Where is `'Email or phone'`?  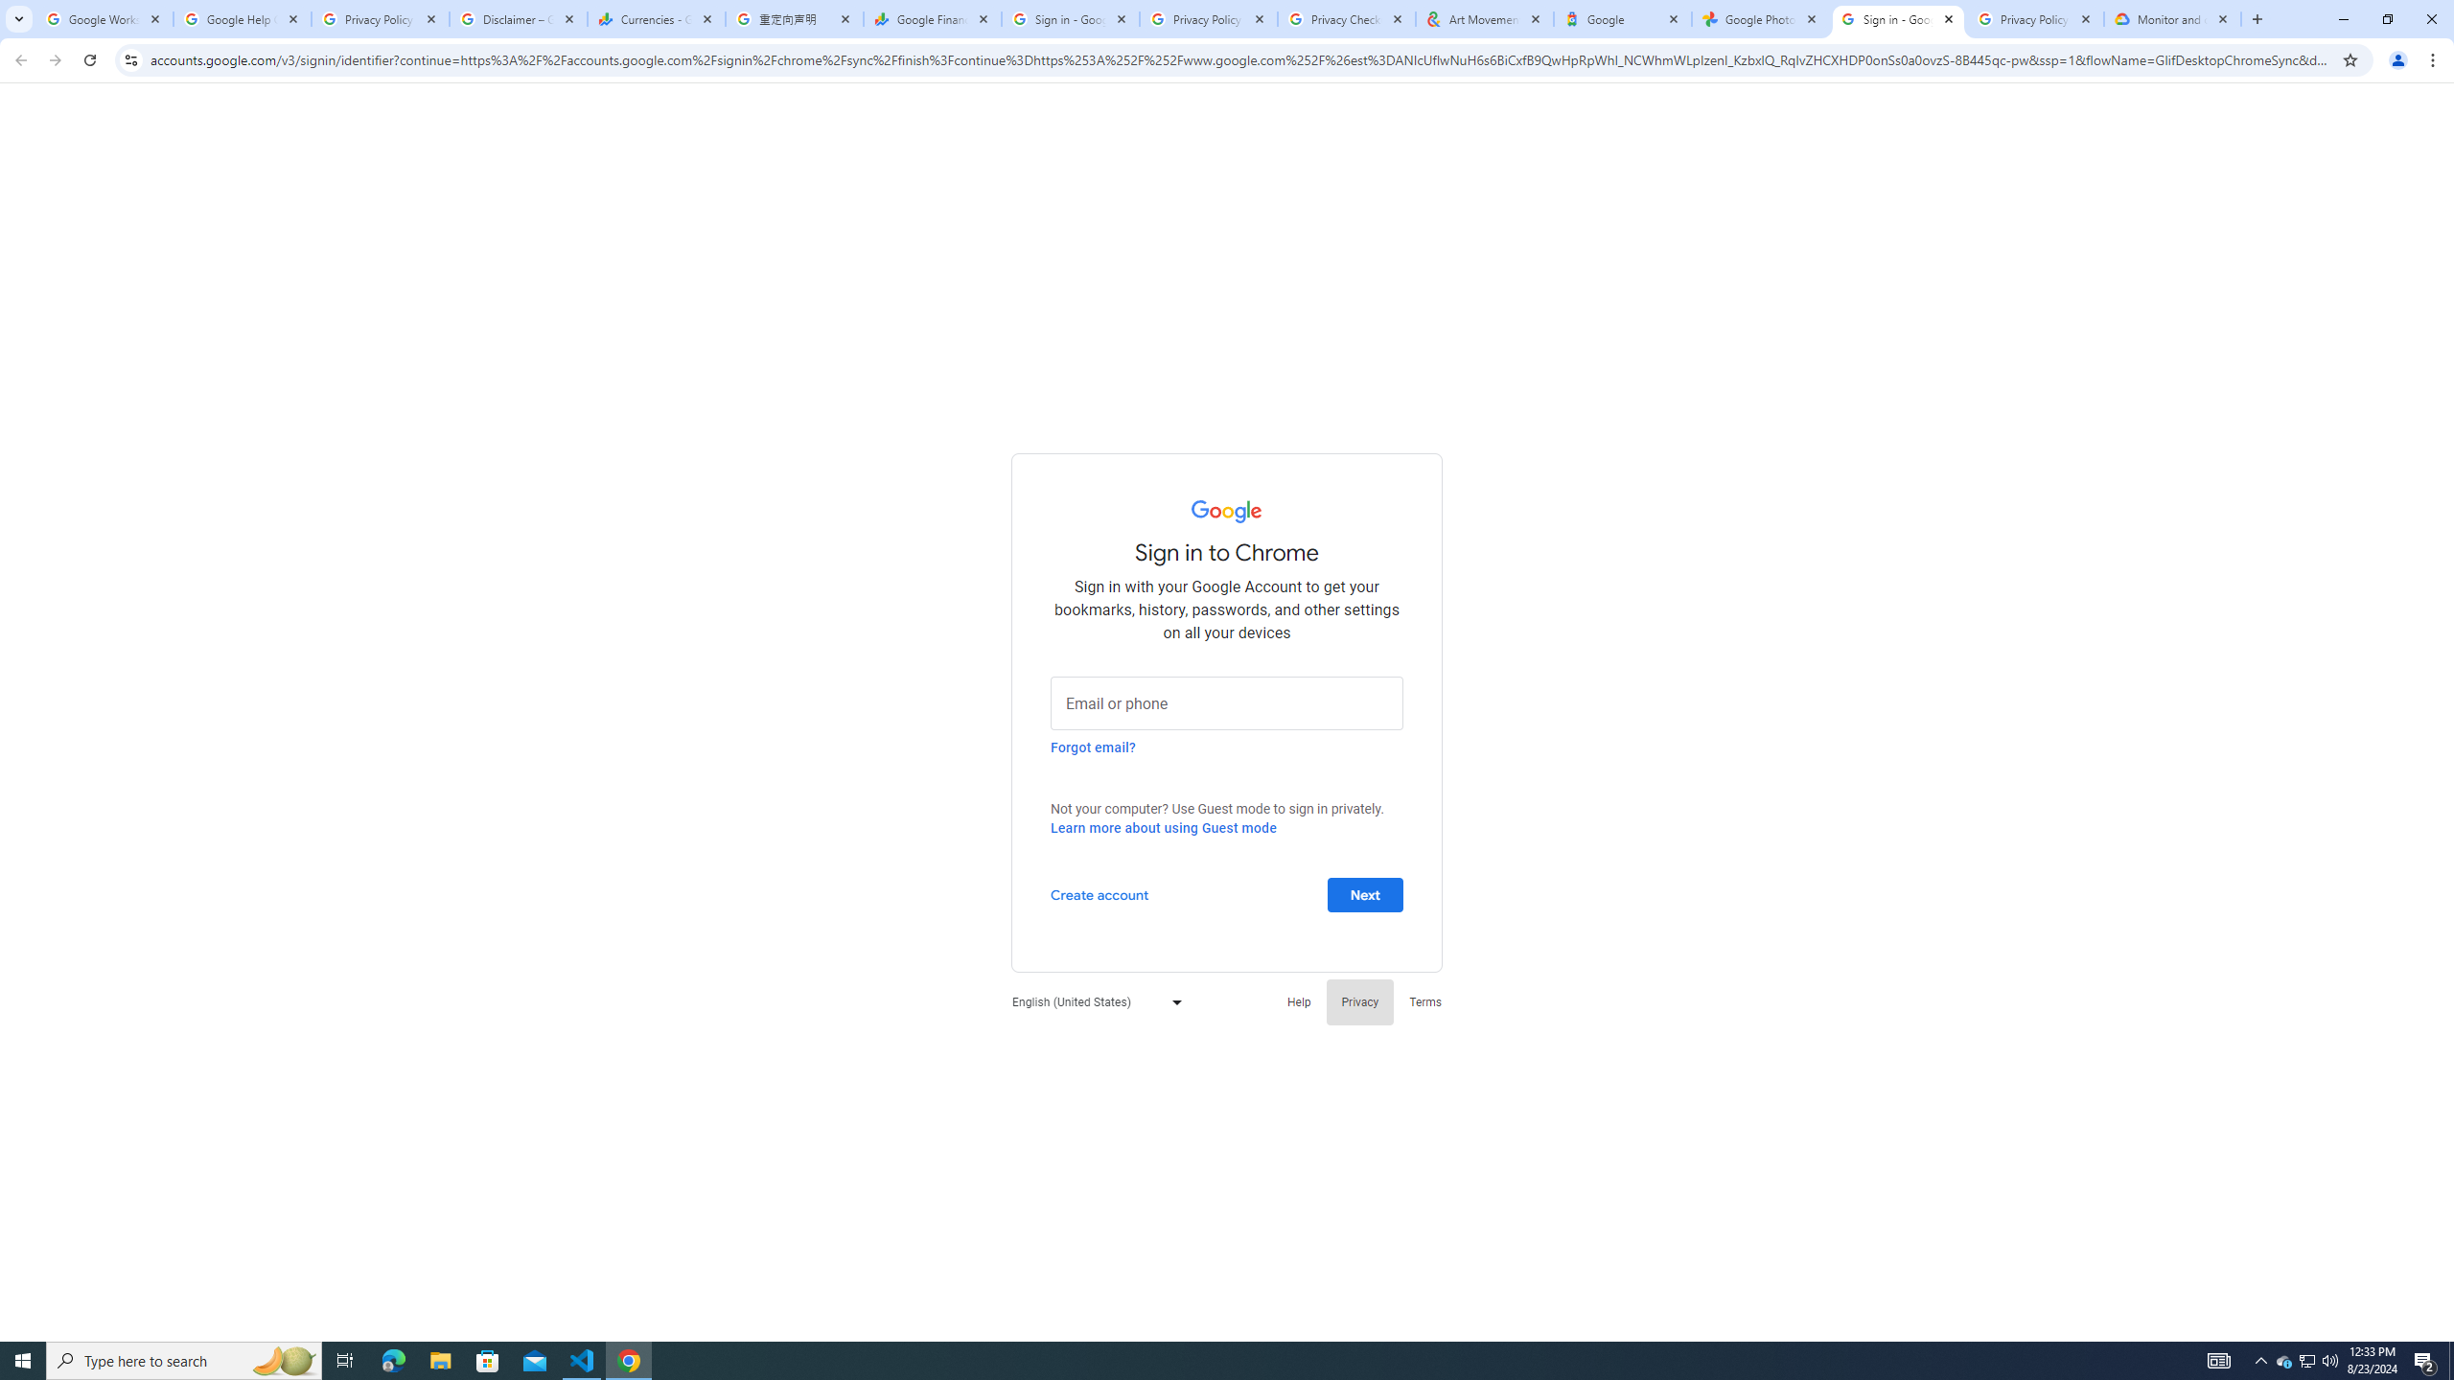
'Email or phone' is located at coordinates (1227, 701).